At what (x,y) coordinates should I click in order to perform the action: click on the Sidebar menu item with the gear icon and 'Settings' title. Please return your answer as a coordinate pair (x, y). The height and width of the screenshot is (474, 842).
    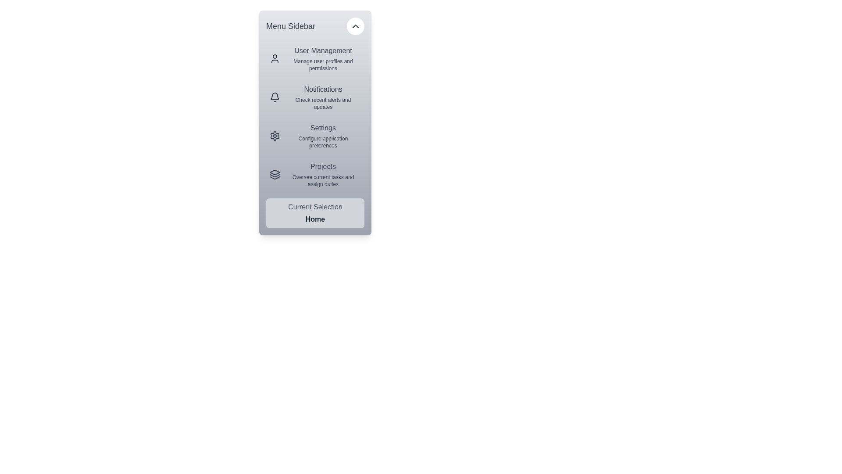
    Looking at the image, I should click on (315, 136).